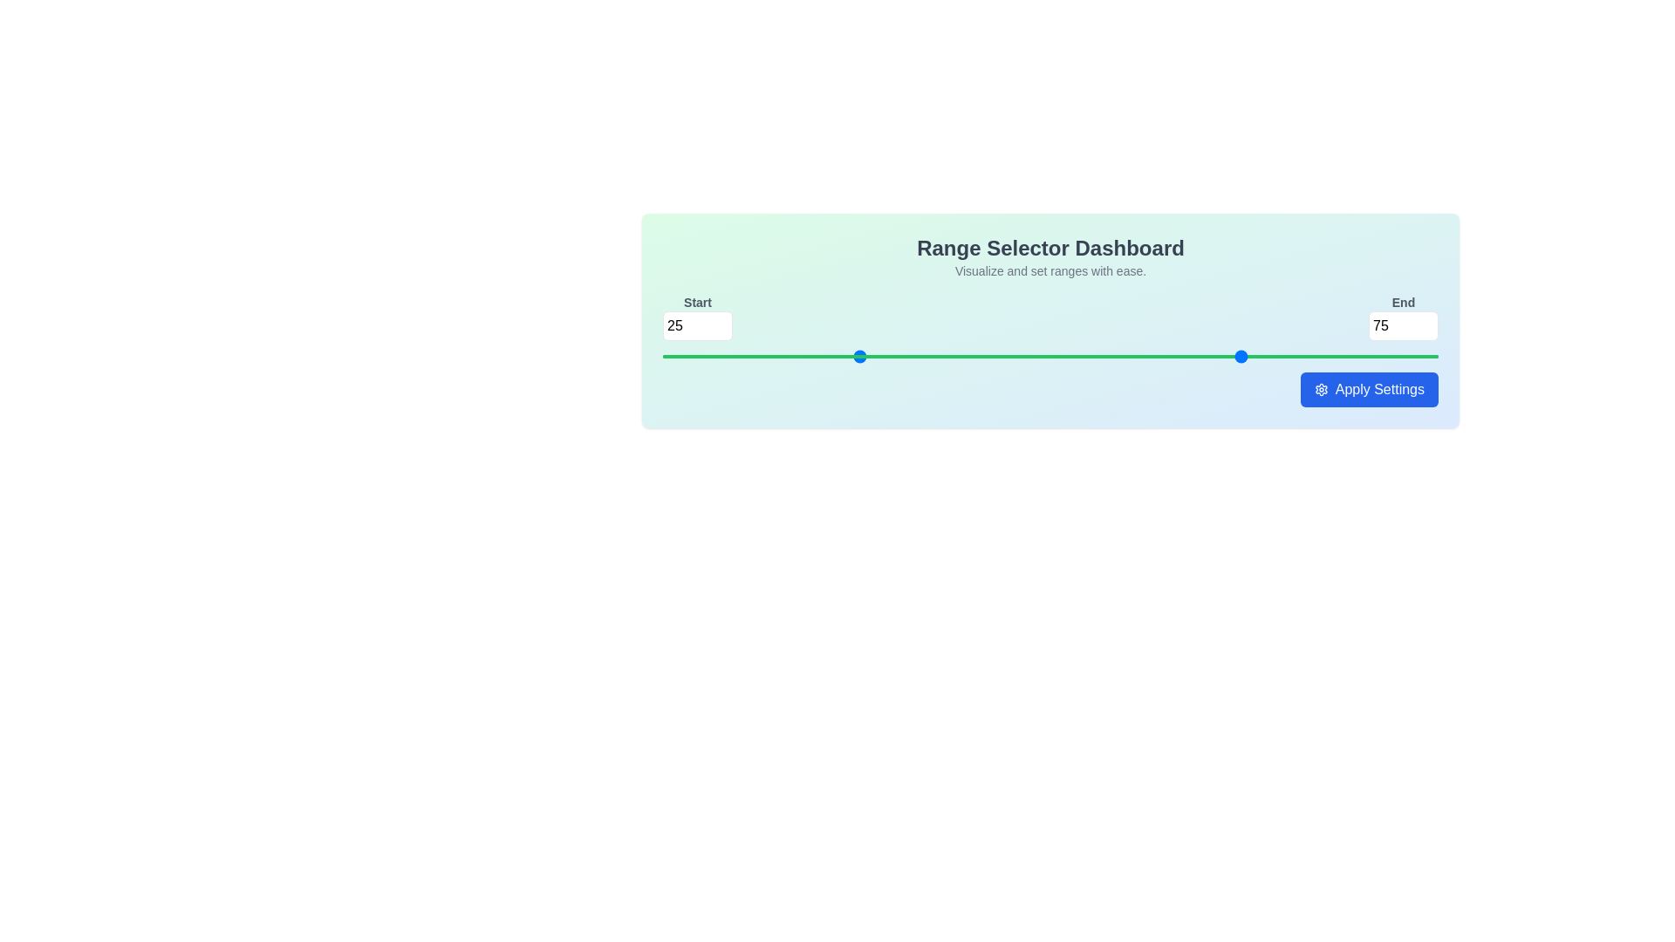 This screenshot has width=1675, height=942. I want to click on the number input field labeled 'End' to focus on it, so click(1403, 317).